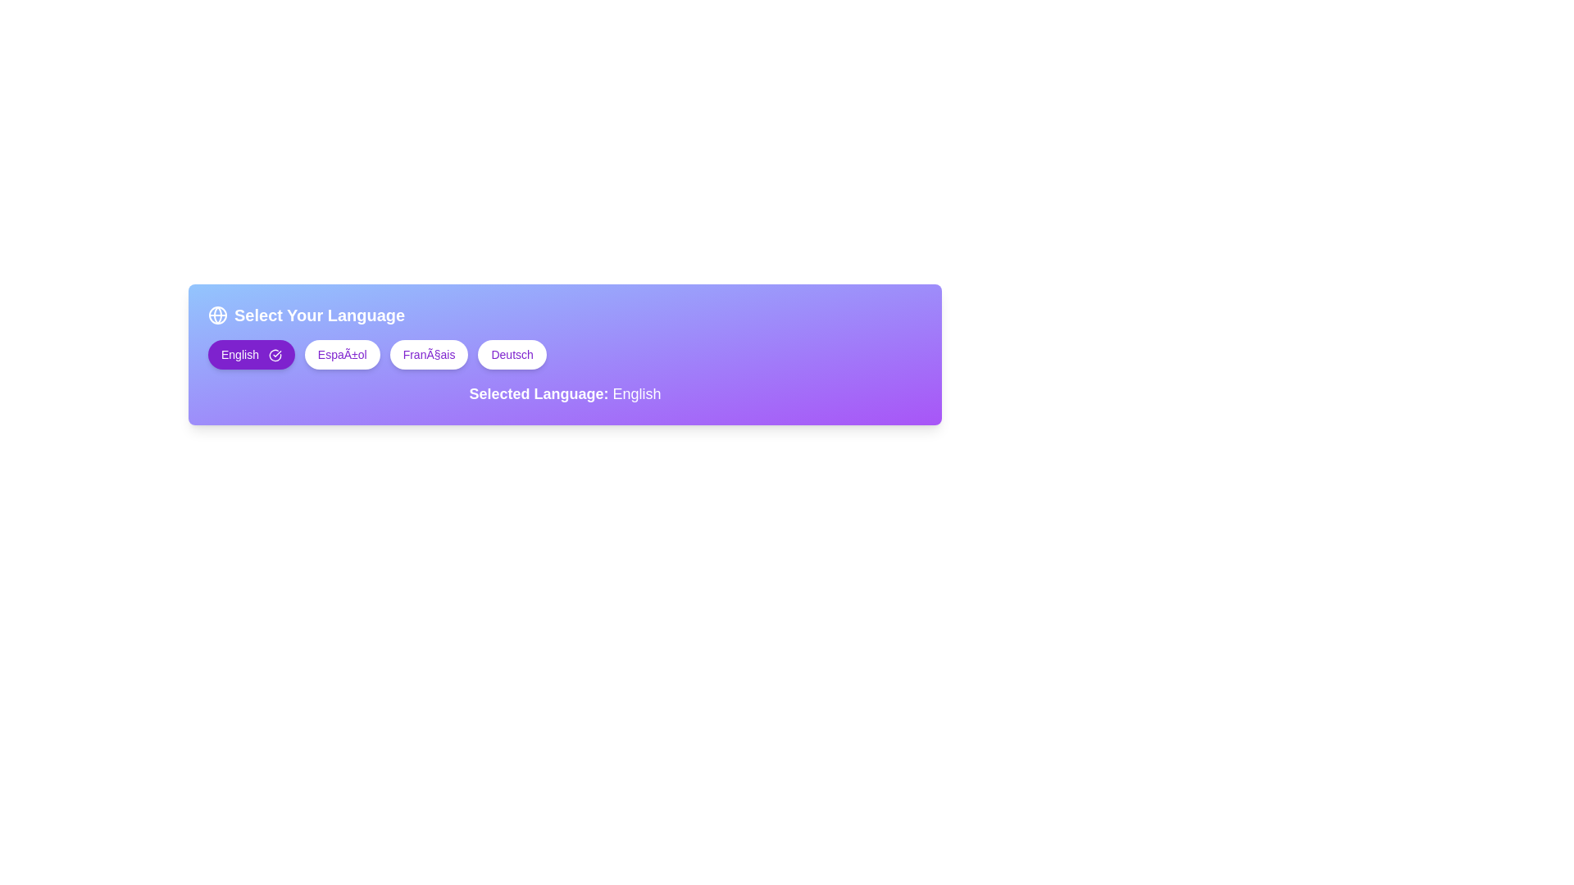 This screenshot has height=885, width=1574. What do you see at coordinates (216, 315) in the screenshot?
I see `the globe icon located to the left of the text 'Select Your Language', which is situated at the top-left corner of a gradient box` at bounding box center [216, 315].